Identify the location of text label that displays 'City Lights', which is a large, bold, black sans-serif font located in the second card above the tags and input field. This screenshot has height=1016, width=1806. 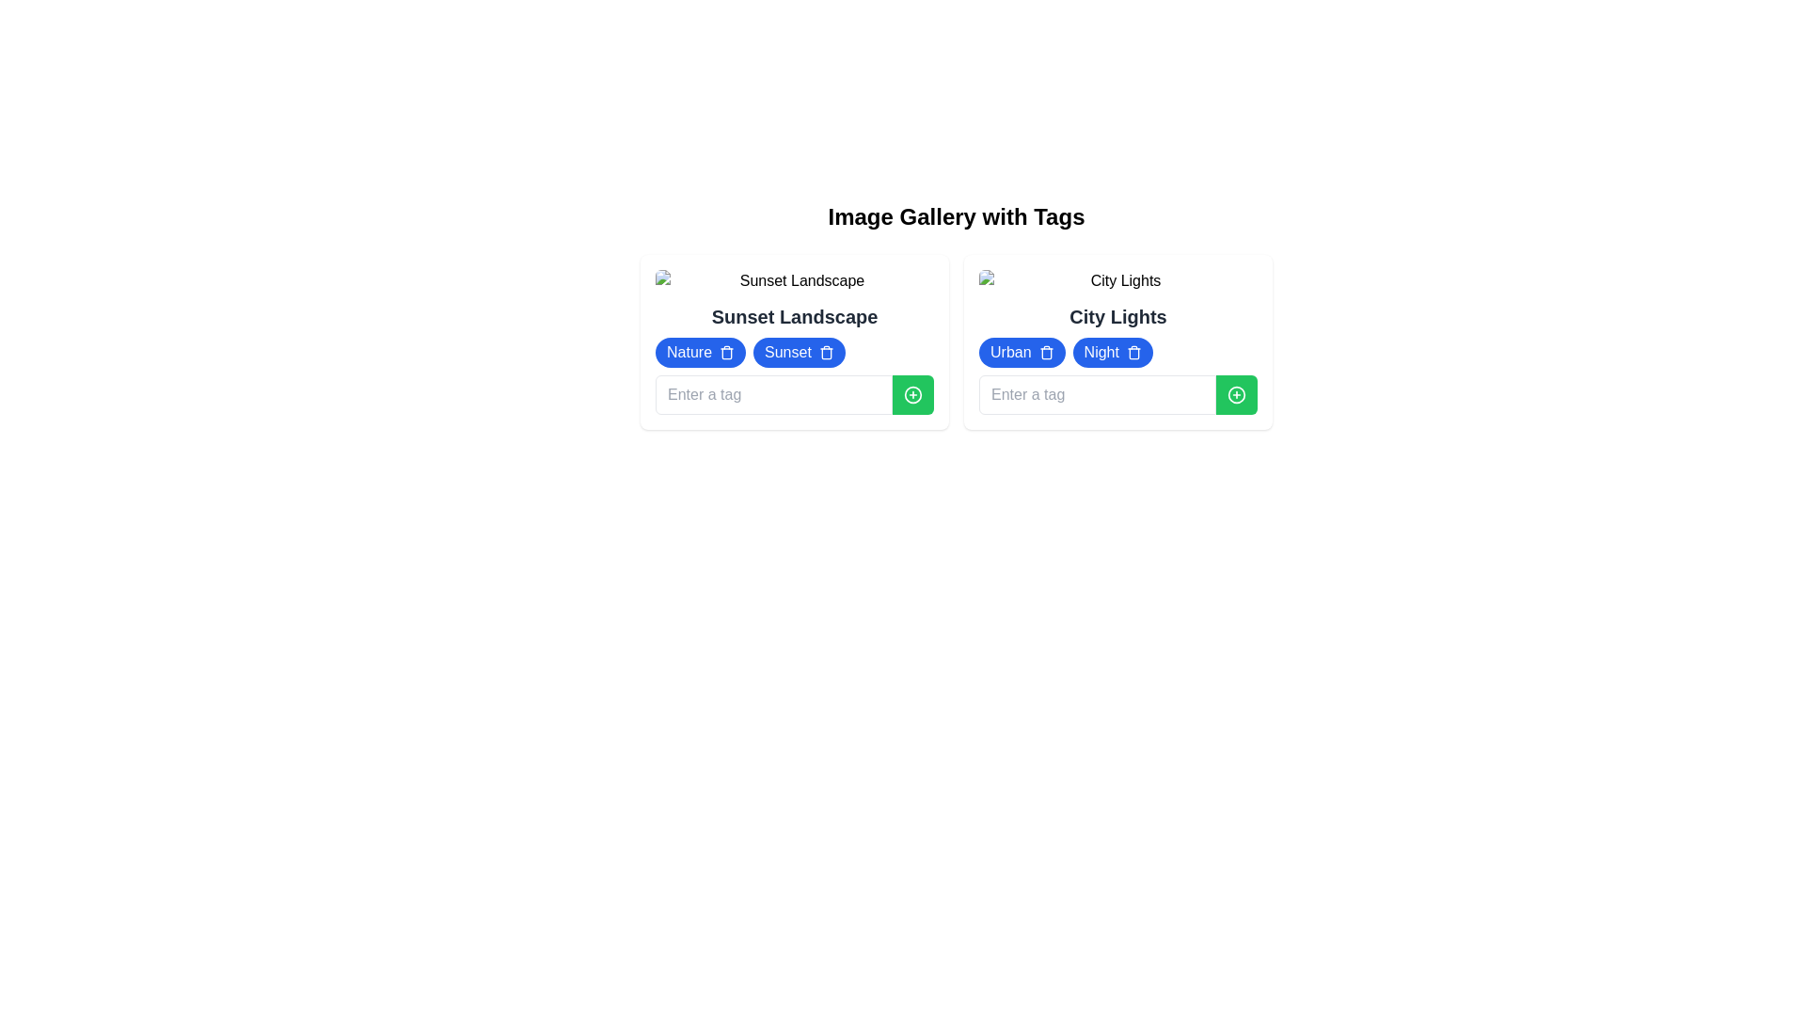
(1118, 315).